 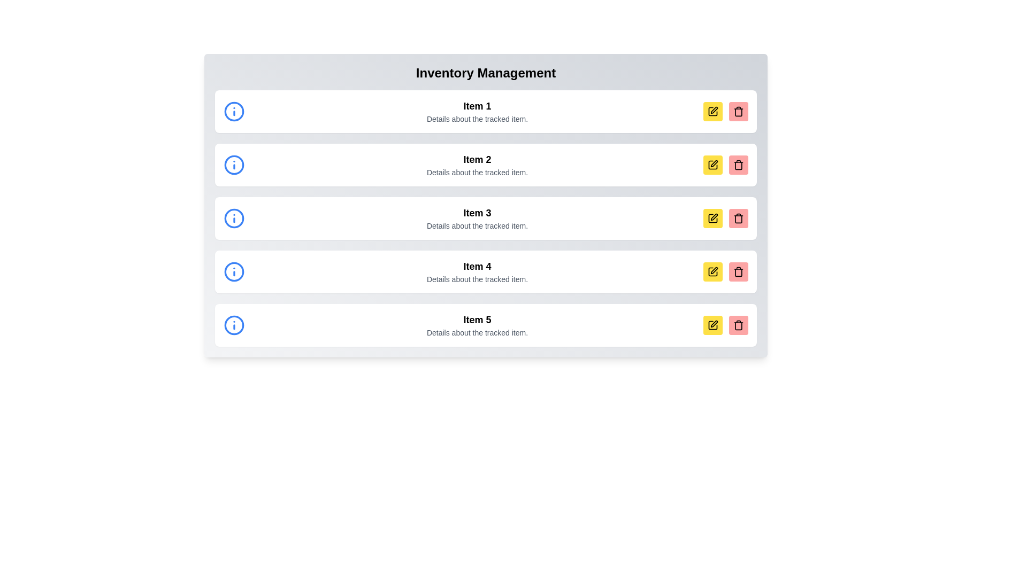 I want to click on the button group located to the right of 'Item 5', so click(x=726, y=325).